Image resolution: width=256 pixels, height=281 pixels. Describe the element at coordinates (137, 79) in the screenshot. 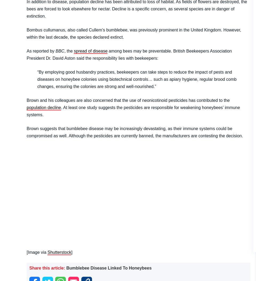

I see `'“By employing good husbandry practices, beekeepers can take steps to reduce the impact of pests and diseases on honeybee colonies using biotechnical controls… such as apiary hygiene, regular brood comb changes, ensuring the colonies are strong and well-nourished.”'` at that location.